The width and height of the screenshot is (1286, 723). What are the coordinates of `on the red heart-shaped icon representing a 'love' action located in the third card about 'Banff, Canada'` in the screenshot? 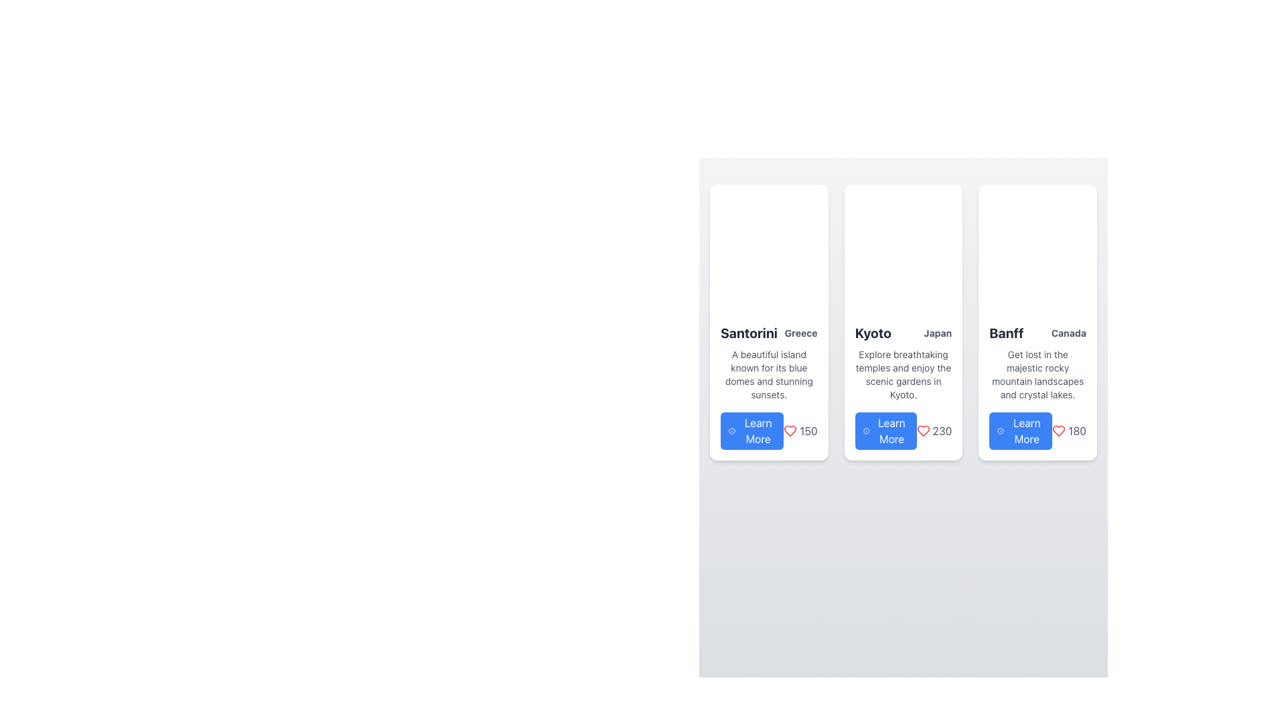 It's located at (1058, 431).